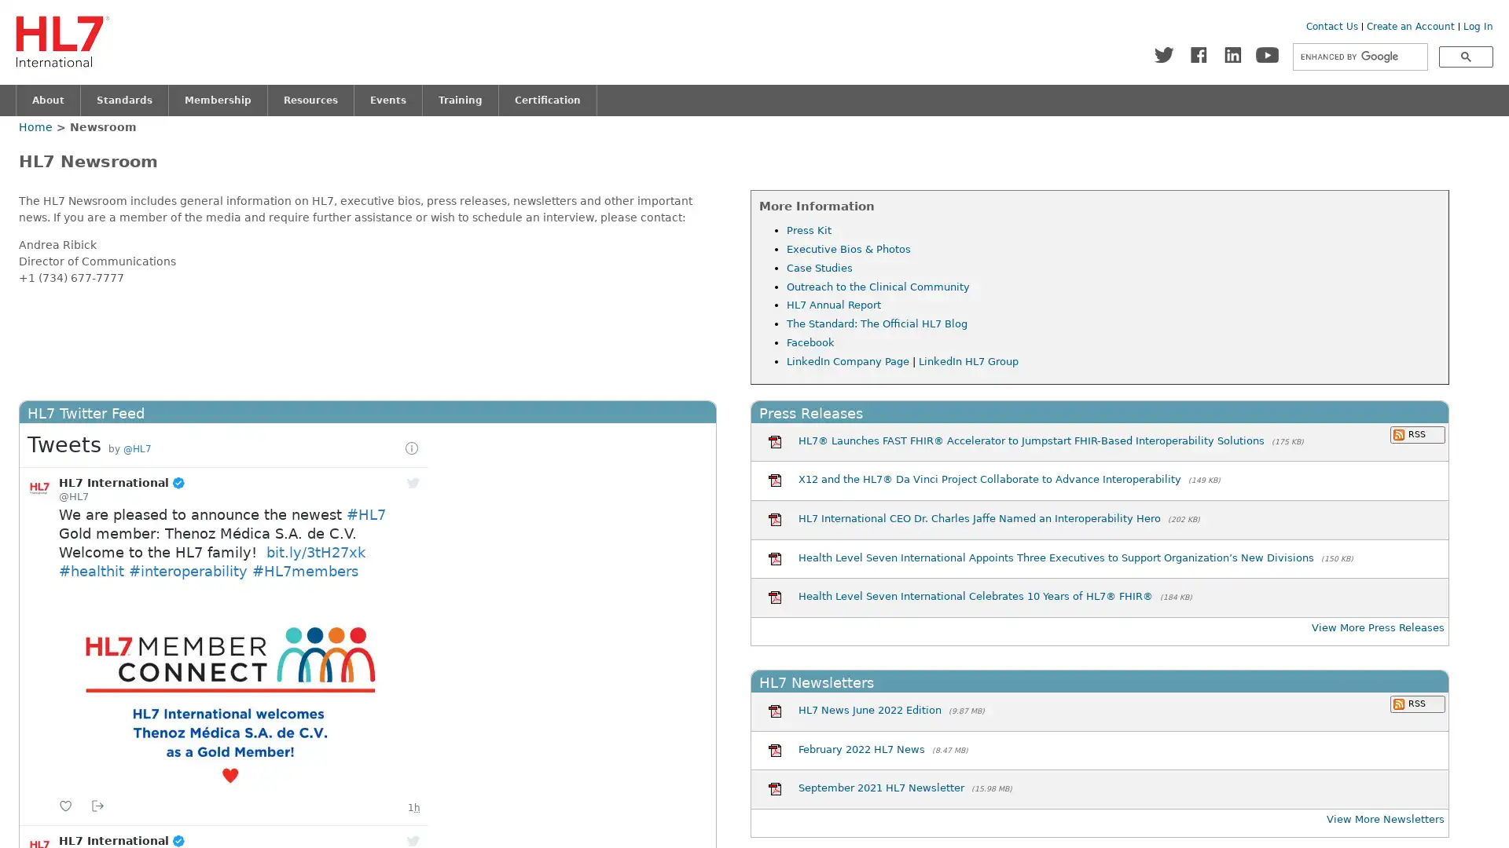  I want to click on search, so click(1465, 56).